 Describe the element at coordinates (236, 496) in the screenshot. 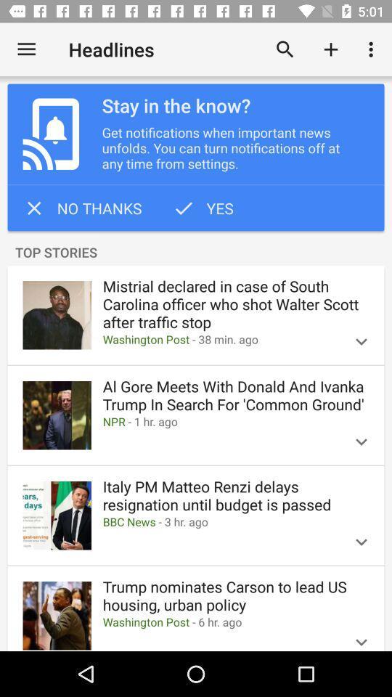

I see `italy pm matteo` at that location.